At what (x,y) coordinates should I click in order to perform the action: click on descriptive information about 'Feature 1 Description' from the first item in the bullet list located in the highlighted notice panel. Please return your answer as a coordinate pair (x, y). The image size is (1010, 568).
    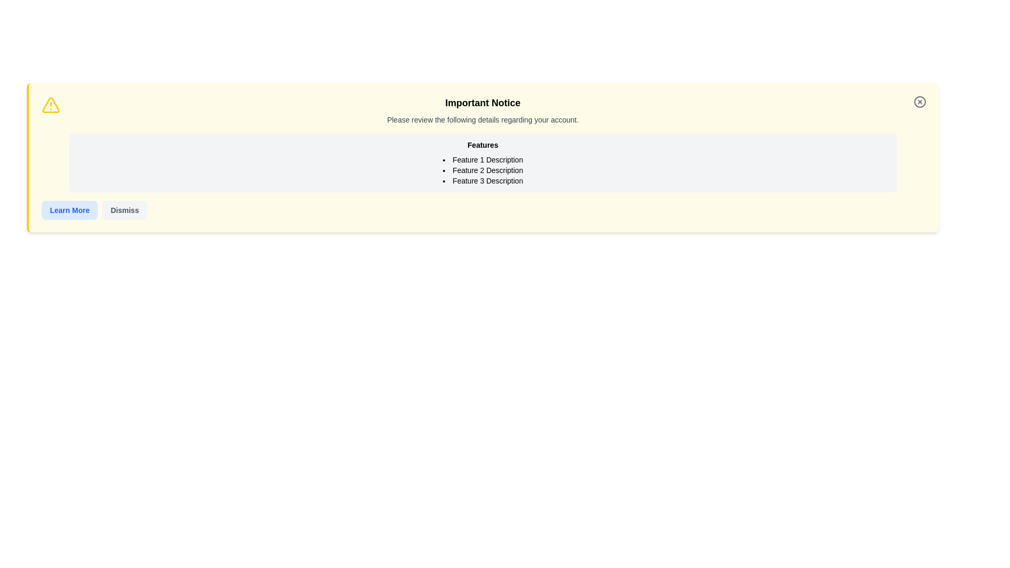
    Looking at the image, I should click on (482, 160).